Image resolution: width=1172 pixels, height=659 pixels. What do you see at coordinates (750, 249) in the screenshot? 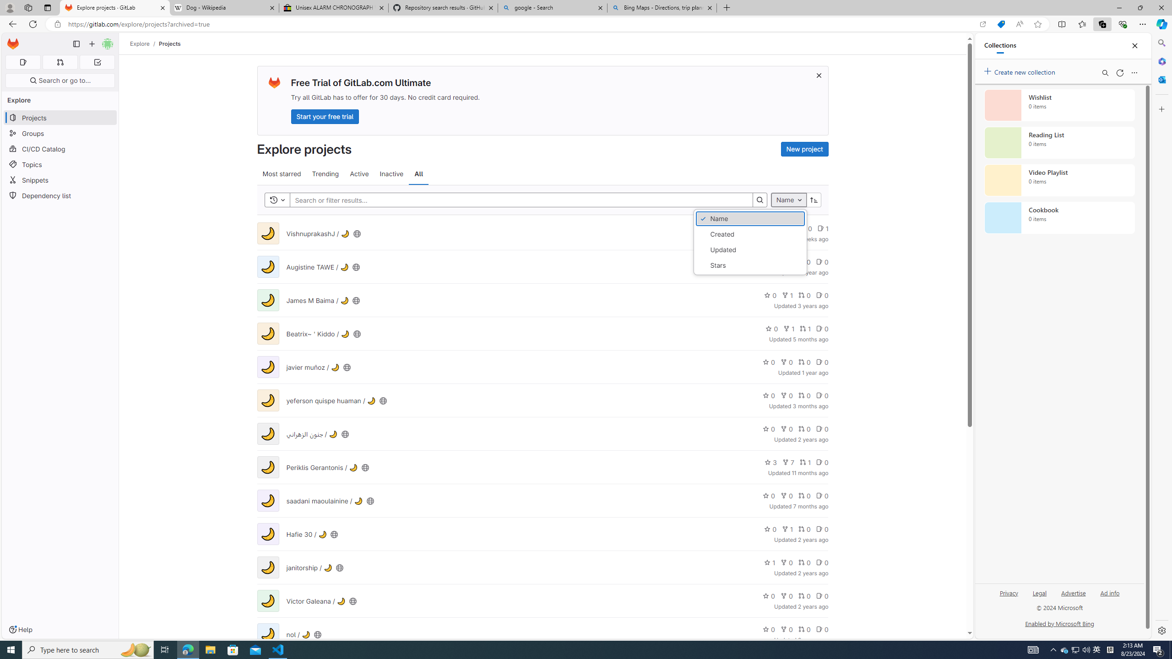
I see `'Updated'` at bounding box center [750, 249].